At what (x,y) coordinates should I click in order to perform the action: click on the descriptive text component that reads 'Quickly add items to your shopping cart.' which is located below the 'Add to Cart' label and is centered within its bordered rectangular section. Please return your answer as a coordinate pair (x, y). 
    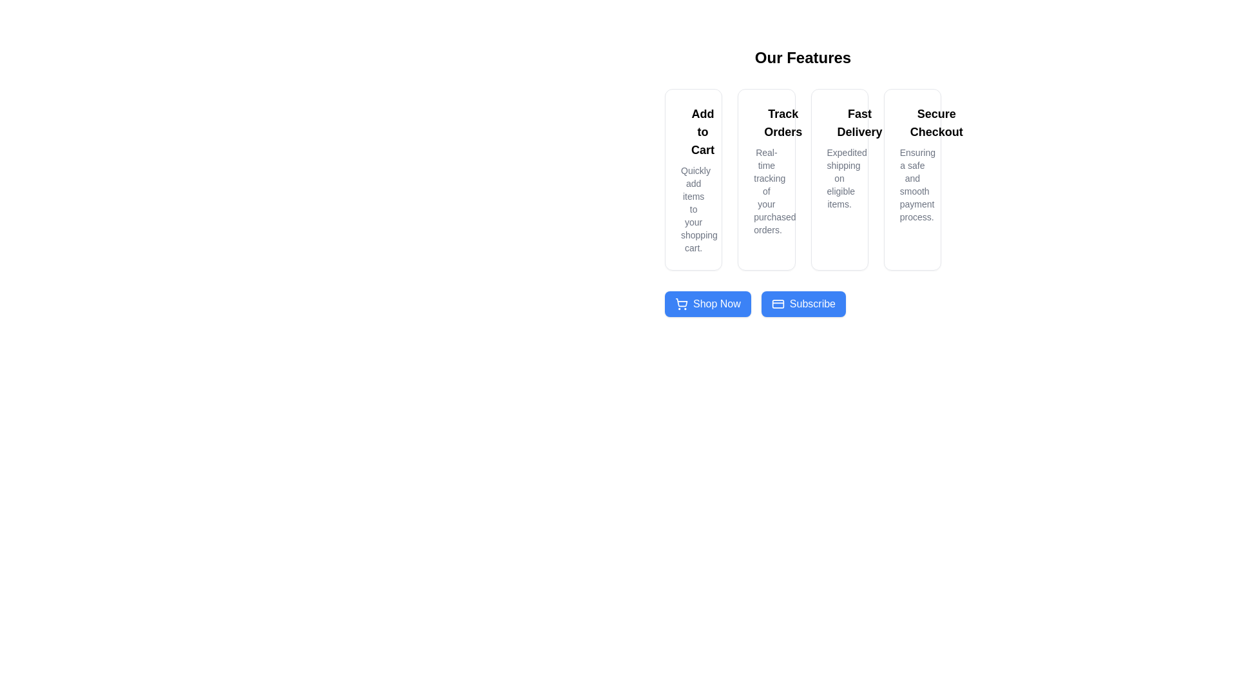
    Looking at the image, I should click on (693, 208).